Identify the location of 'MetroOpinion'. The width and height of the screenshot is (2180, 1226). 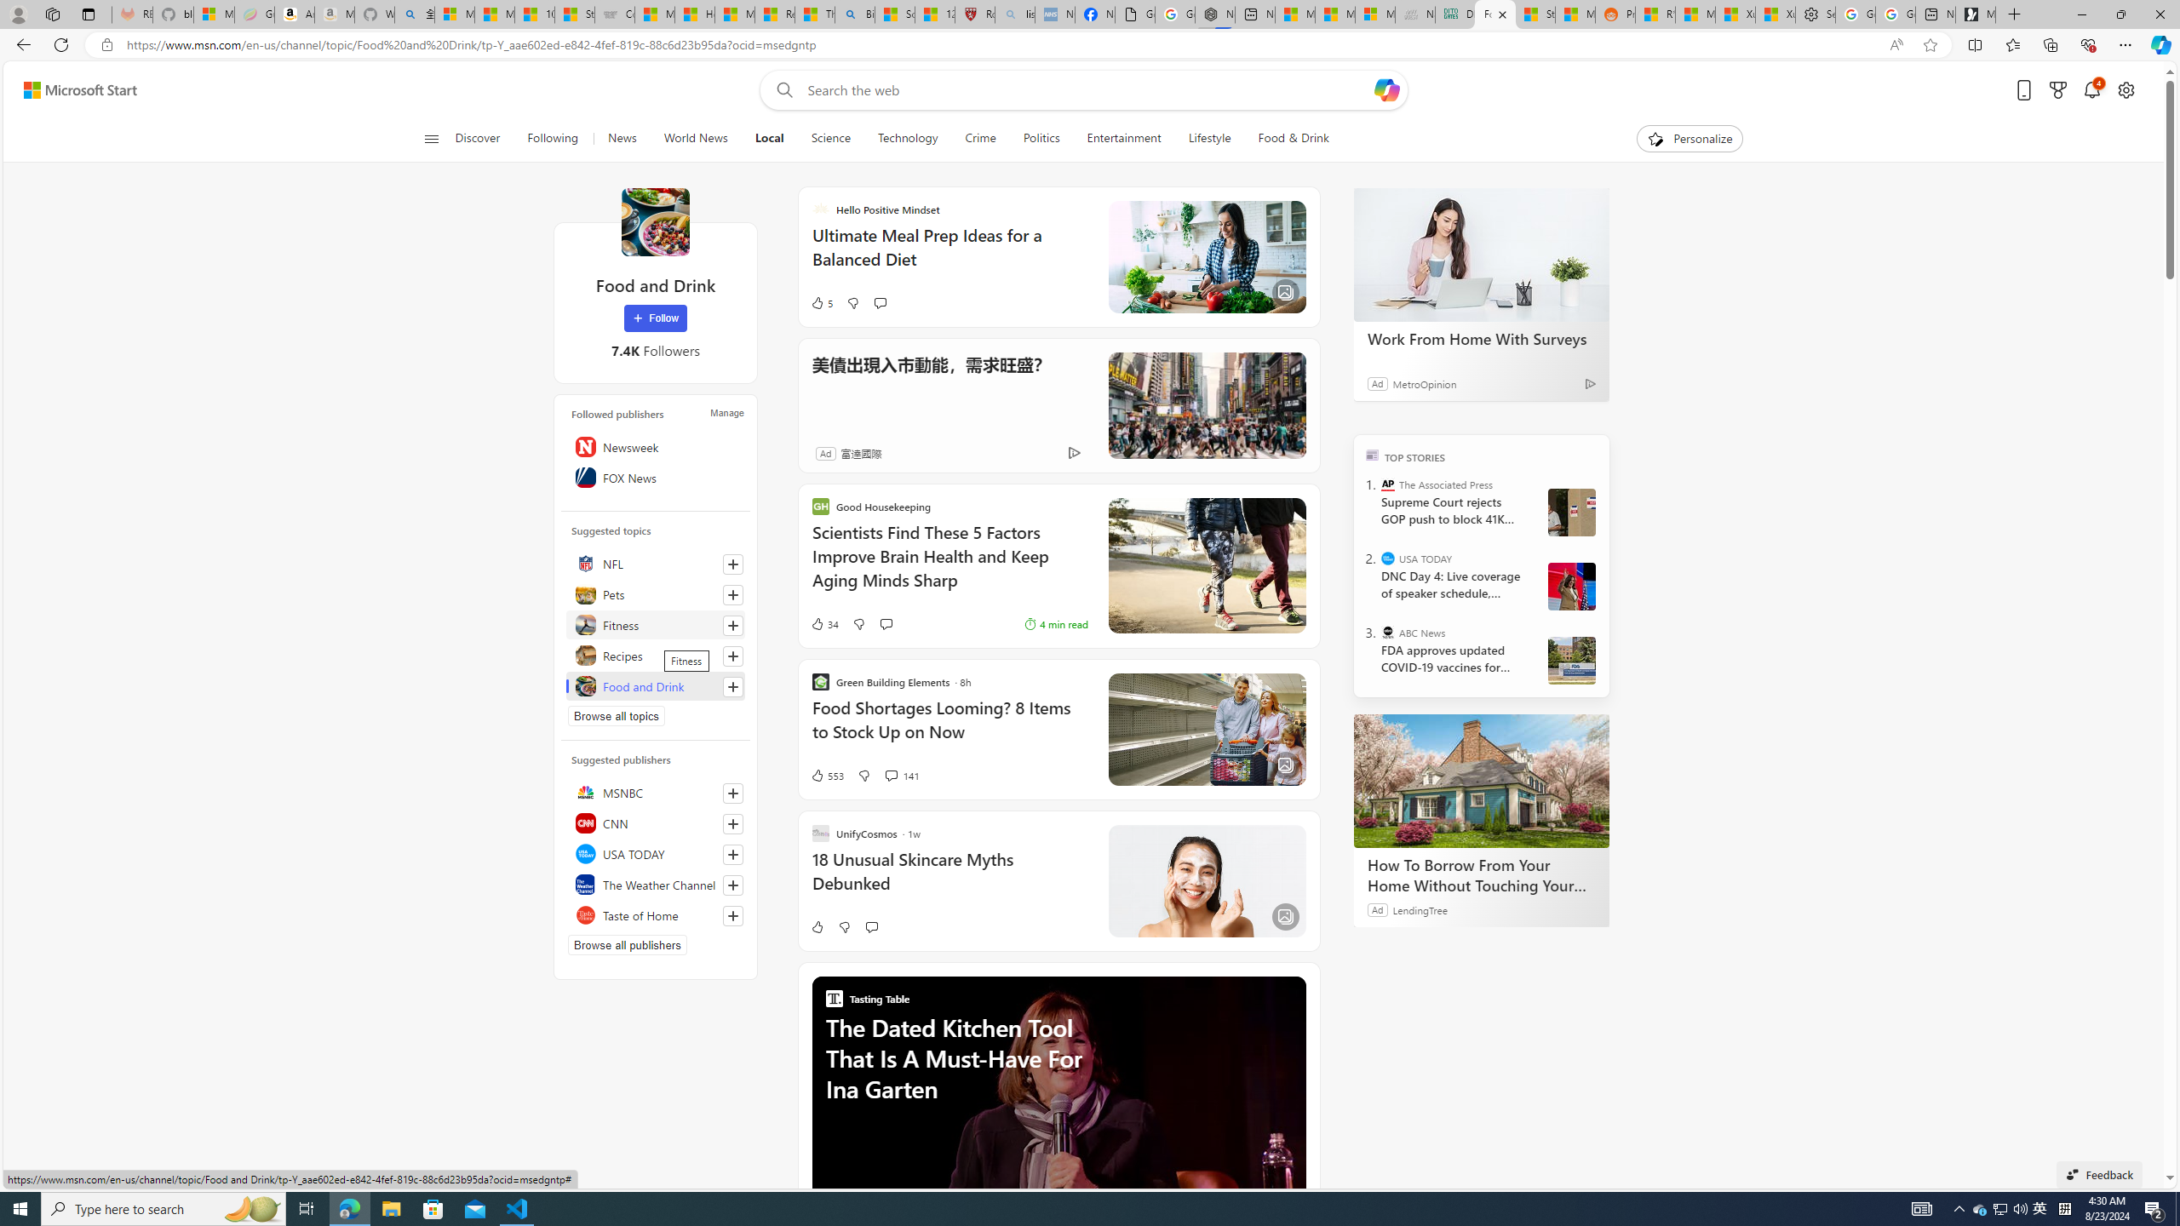
(1423, 382).